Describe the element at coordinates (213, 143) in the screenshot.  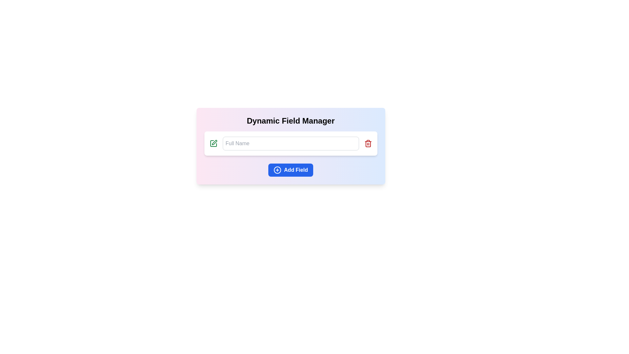
I see `the edit icon button located to the left of the 'Full Name' text input field, which allows users to modify or input information` at that location.